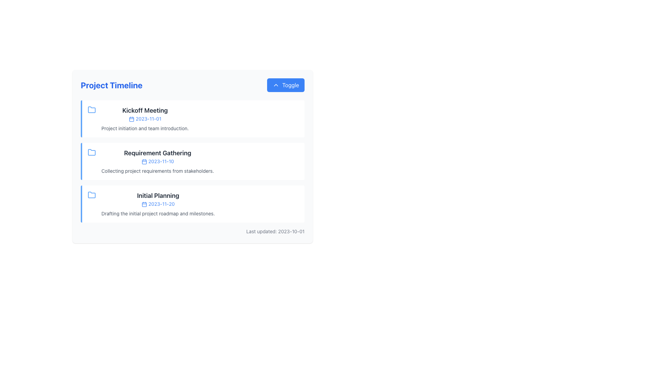 This screenshot has width=660, height=371. I want to click on the static text block that reads 'Collecting project requirements from stakeholders.' located below the heading 'Requirement Gathering' and the date '2023-11-10', so click(157, 170).